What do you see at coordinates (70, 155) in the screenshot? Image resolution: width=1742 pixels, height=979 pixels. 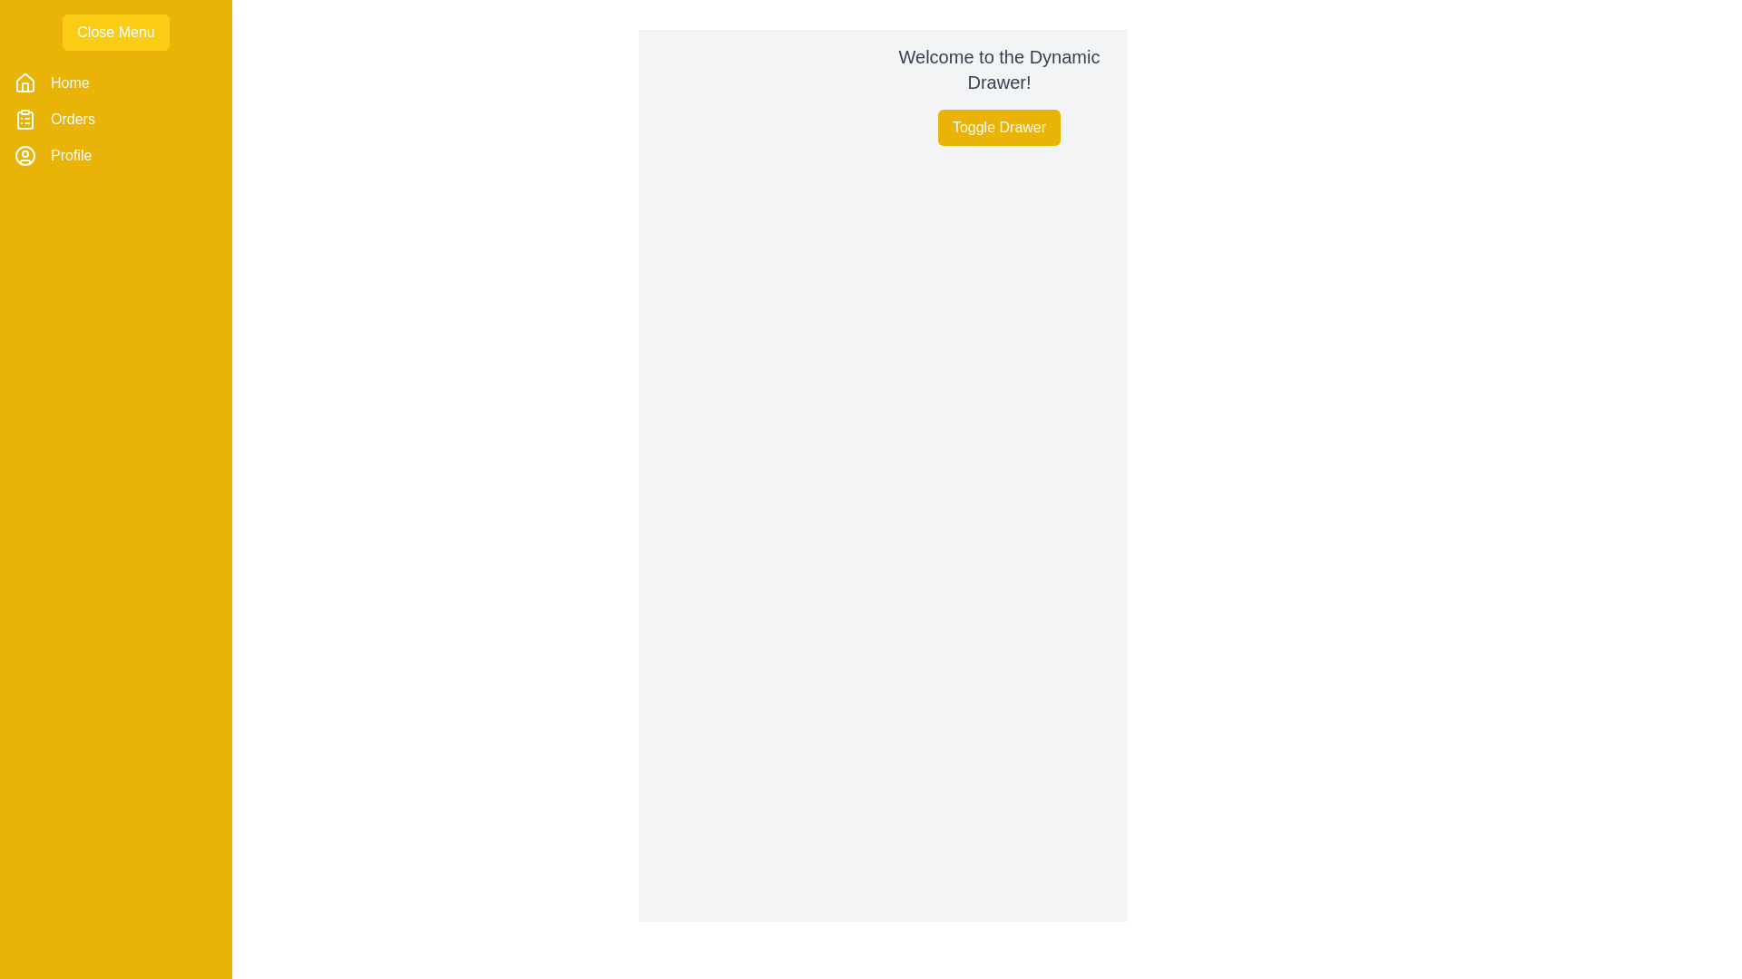 I see `the menu item Profile to navigate` at bounding box center [70, 155].